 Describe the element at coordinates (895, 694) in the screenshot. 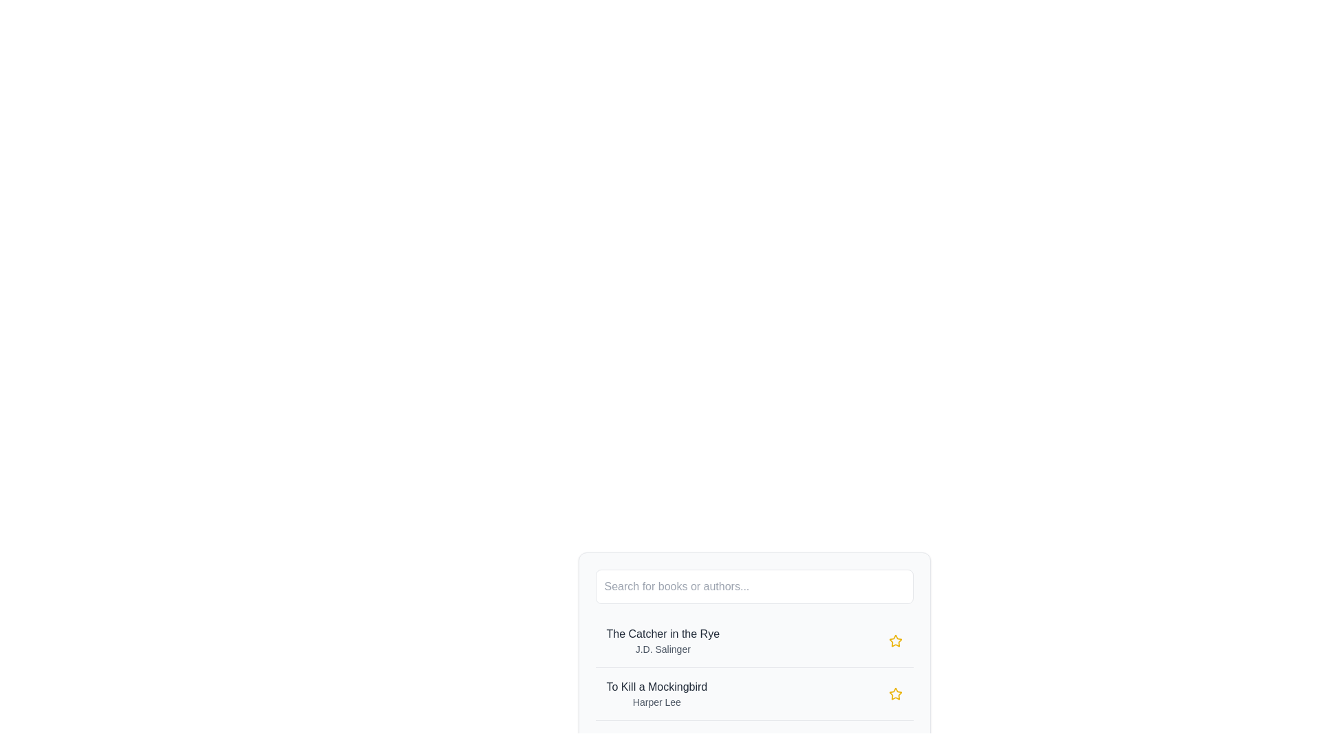

I see `the star icon located in the second row, right next to 'Harper Lee', to rate or mark the book as a favorite` at that location.